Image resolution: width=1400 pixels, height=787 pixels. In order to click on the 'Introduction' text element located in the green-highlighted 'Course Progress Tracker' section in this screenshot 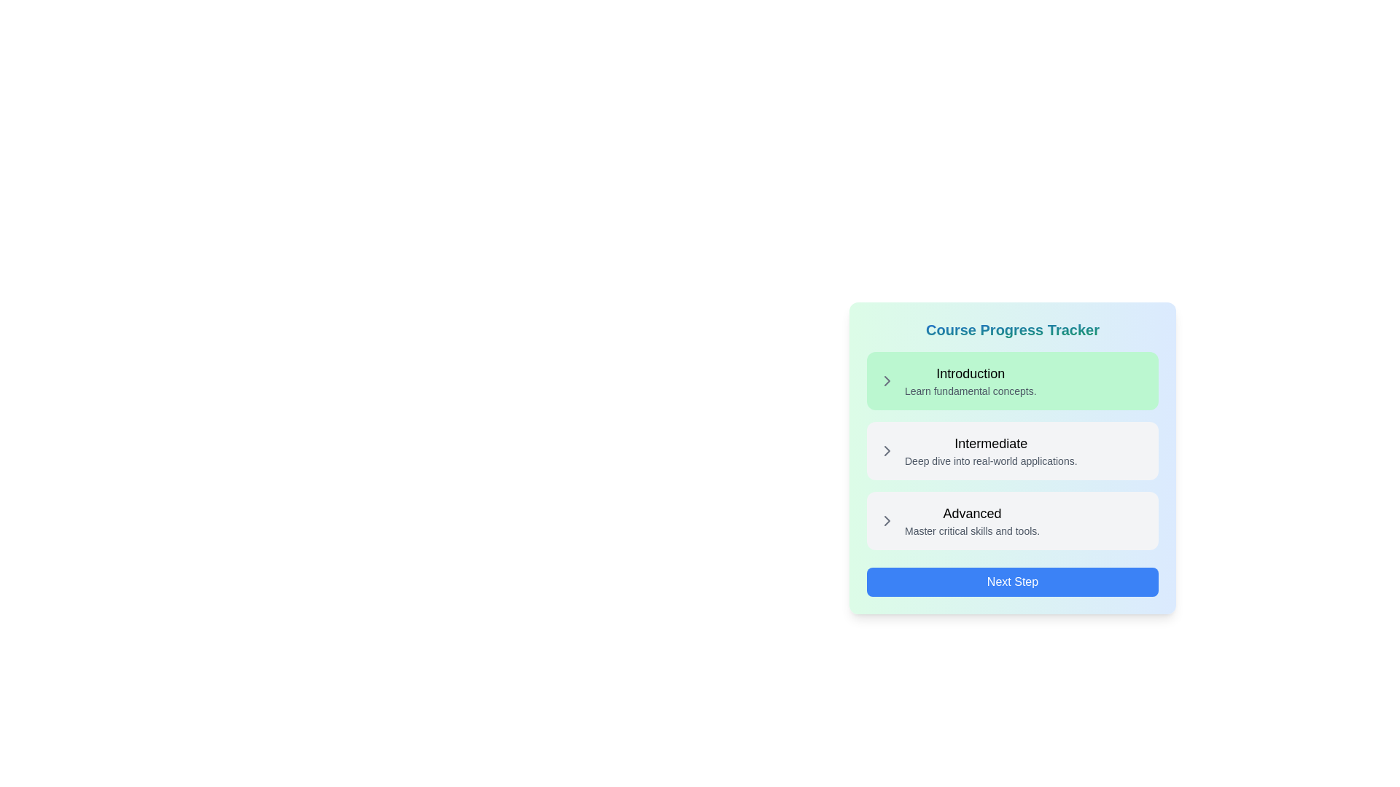, I will do `click(971, 373)`.